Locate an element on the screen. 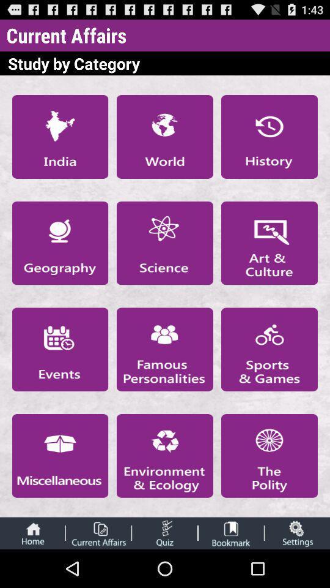 This screenshot has width=330, height=588. events is located at coordinates (59, 349).